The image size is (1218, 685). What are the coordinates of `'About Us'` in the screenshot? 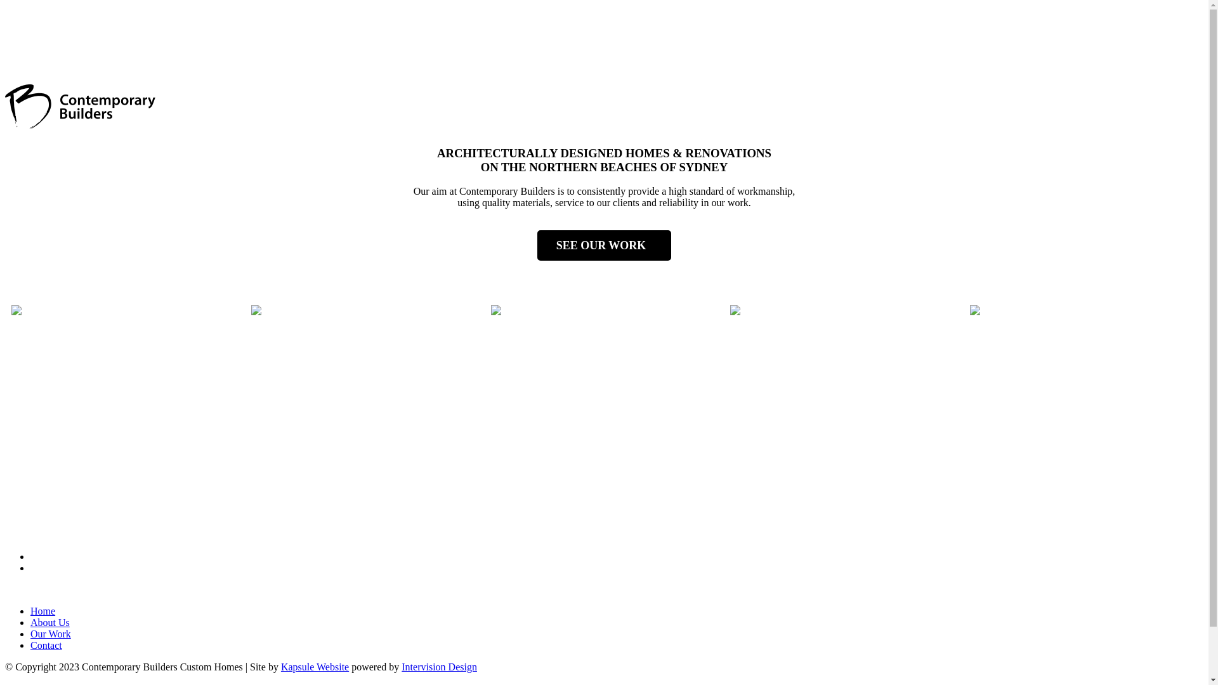 It's located at (49, 622).